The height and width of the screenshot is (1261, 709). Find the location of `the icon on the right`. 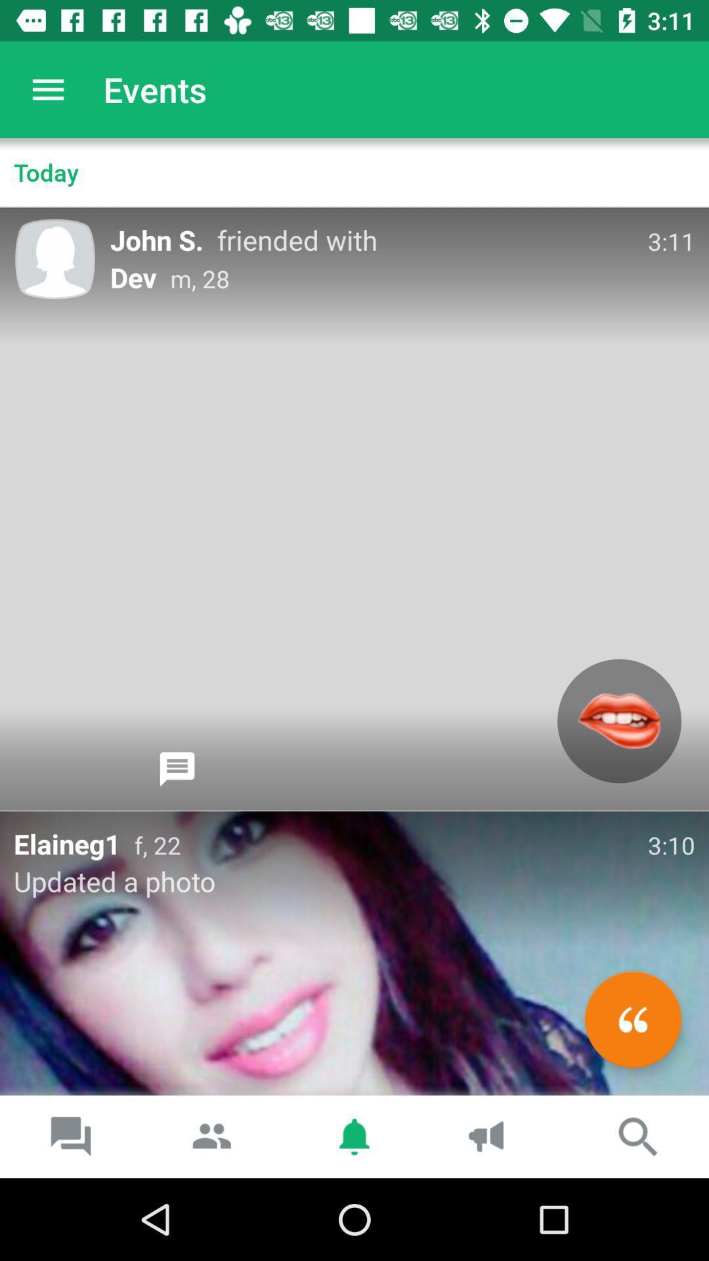

the icon on the right is located at coordinates (619, 720).